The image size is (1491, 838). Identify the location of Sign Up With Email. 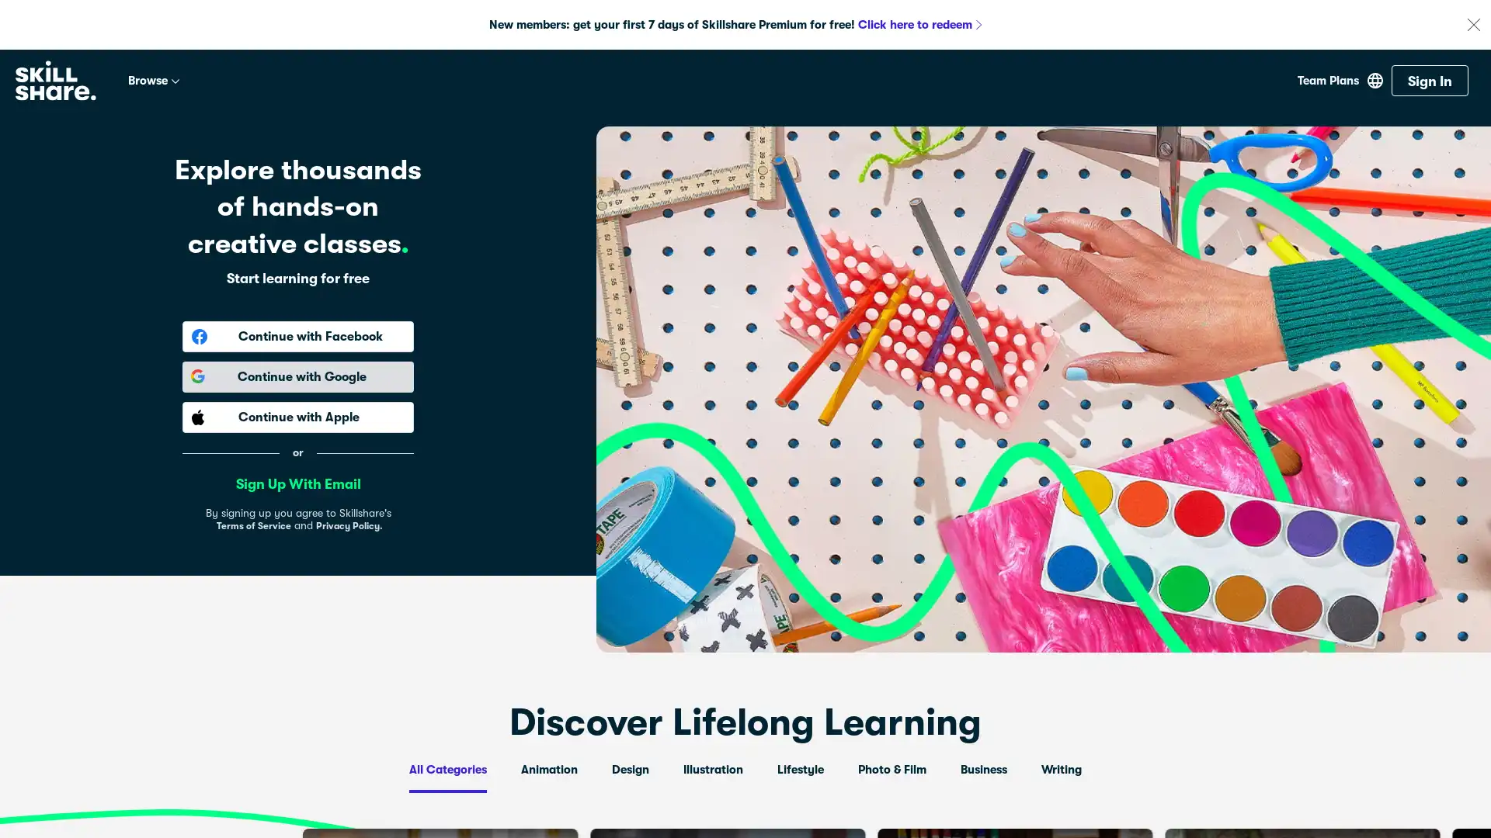
(297, 483).